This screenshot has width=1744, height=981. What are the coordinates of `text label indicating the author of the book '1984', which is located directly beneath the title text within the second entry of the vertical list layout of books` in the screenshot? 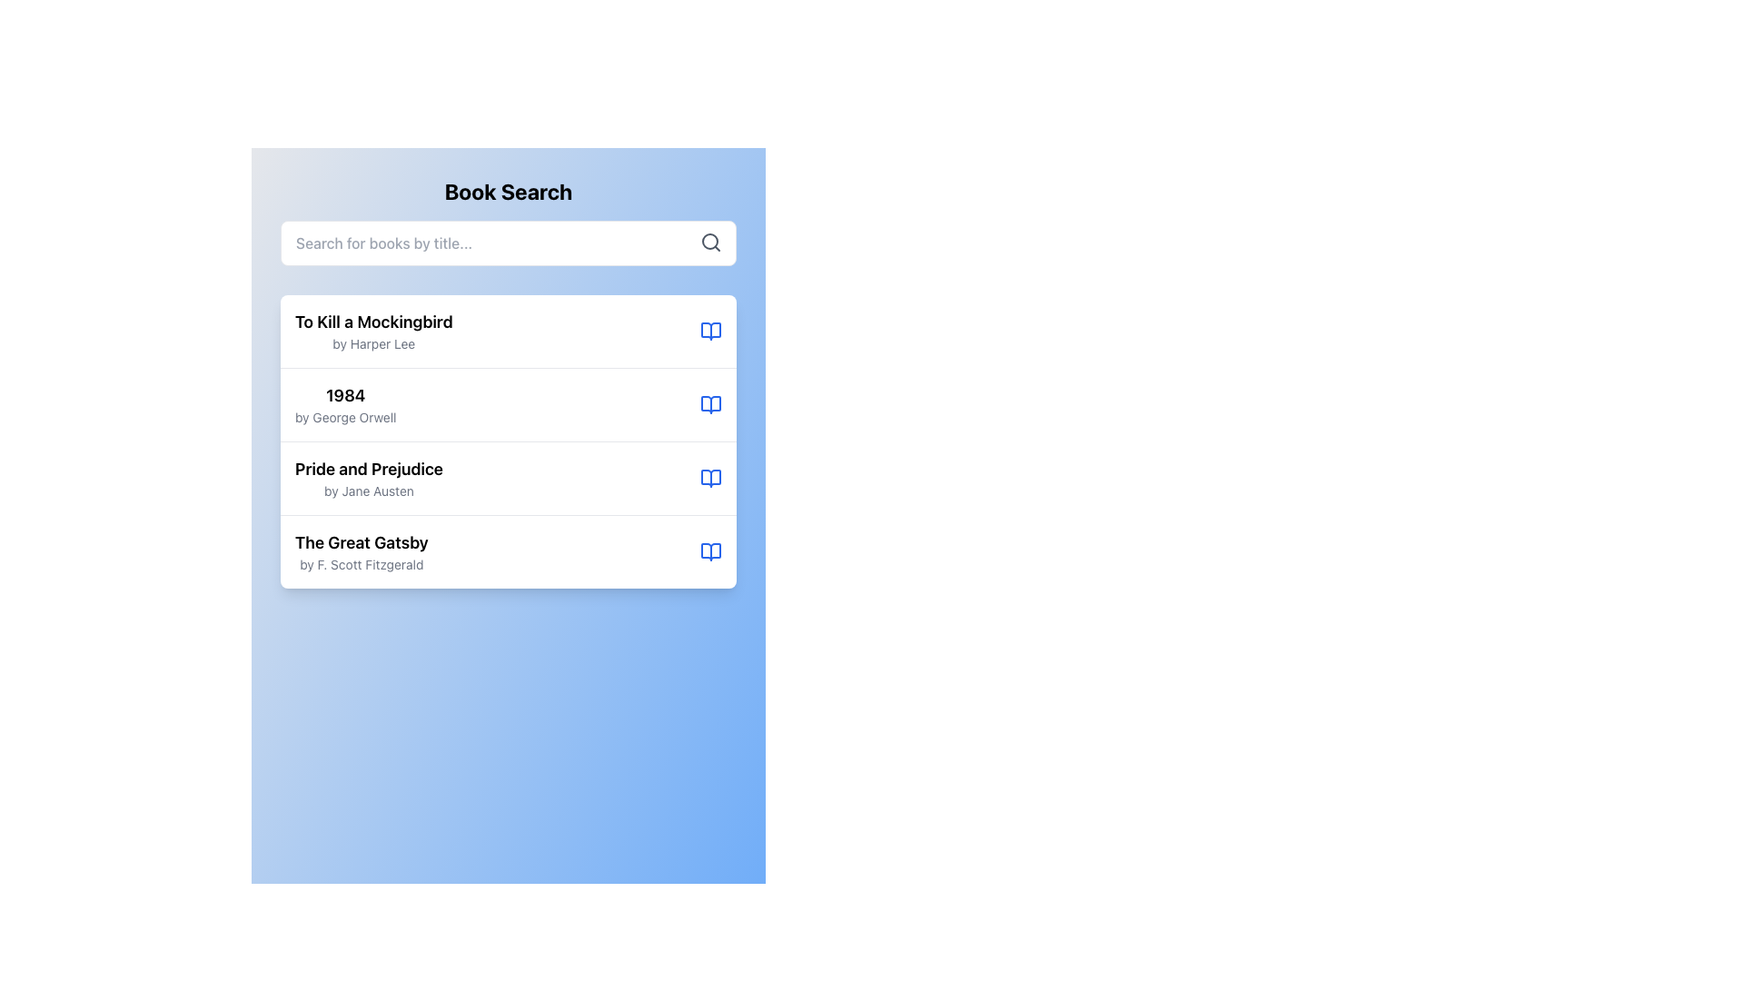 It's located at (345, 417).